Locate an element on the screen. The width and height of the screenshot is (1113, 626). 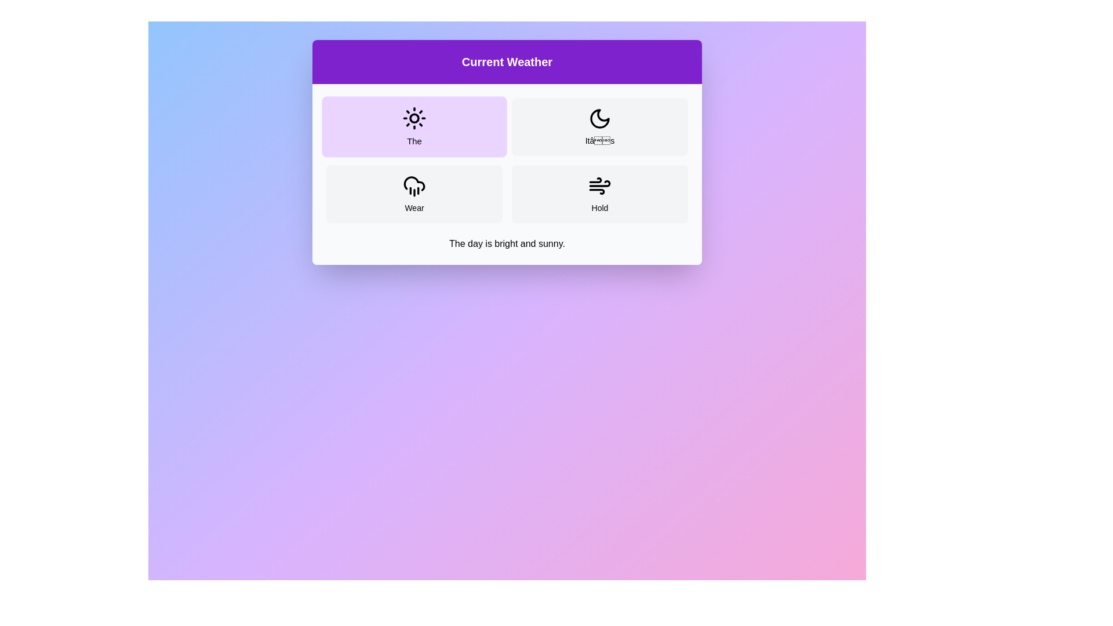
the weather option cloudy by clicking on its corresponding area is located at coordinates (600, 127).